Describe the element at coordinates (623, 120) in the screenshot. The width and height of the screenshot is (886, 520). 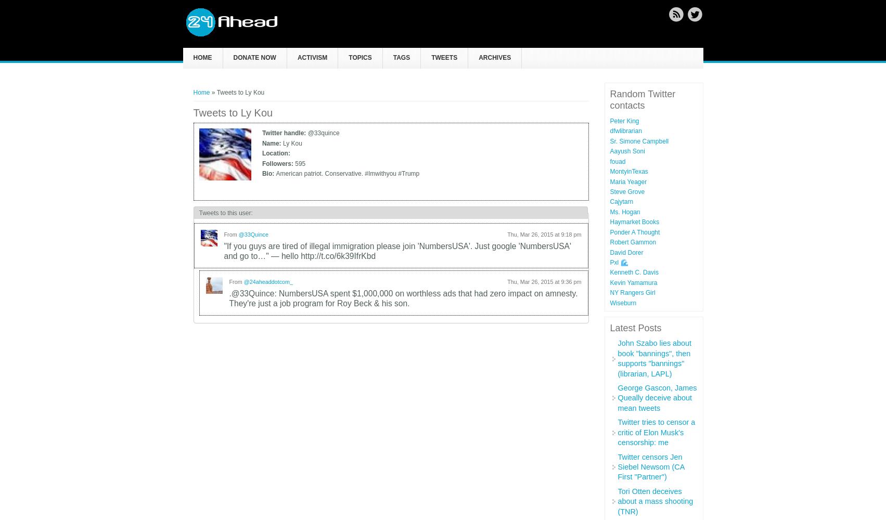
I see `'Peter King'` at that location.